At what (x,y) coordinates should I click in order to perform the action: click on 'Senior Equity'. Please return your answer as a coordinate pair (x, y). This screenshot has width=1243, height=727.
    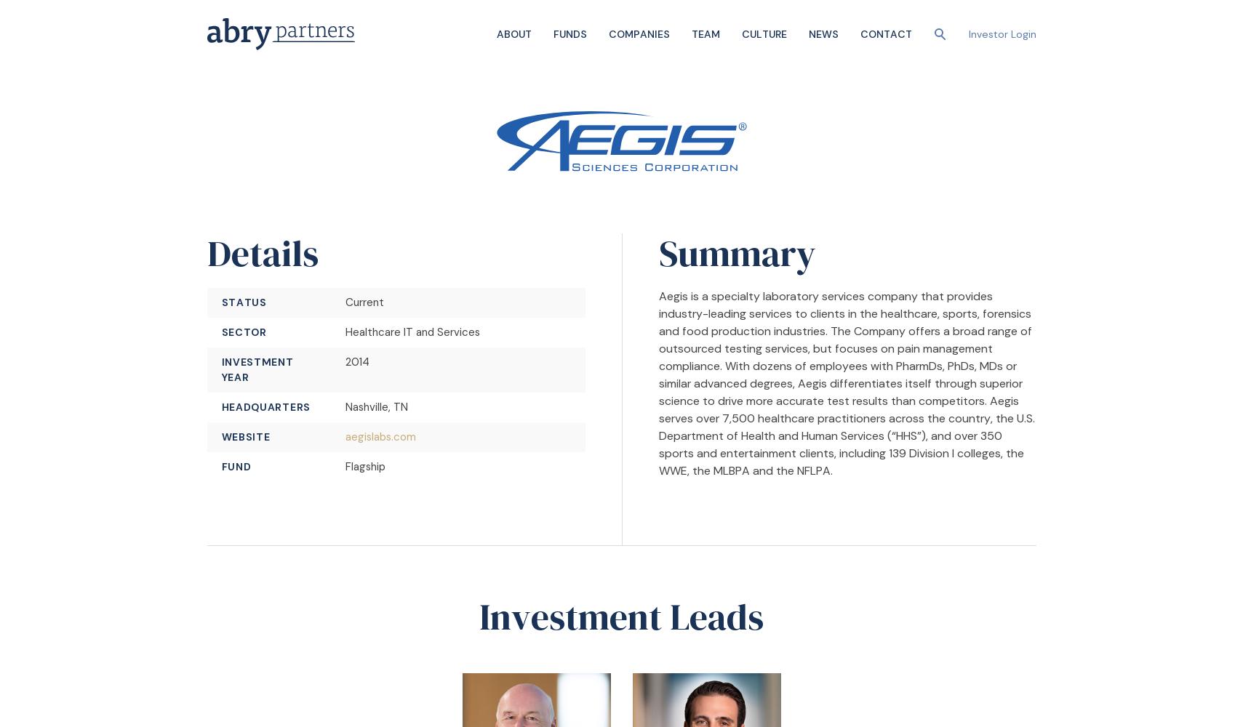
    Looking at the image, I should click on (585, 108).